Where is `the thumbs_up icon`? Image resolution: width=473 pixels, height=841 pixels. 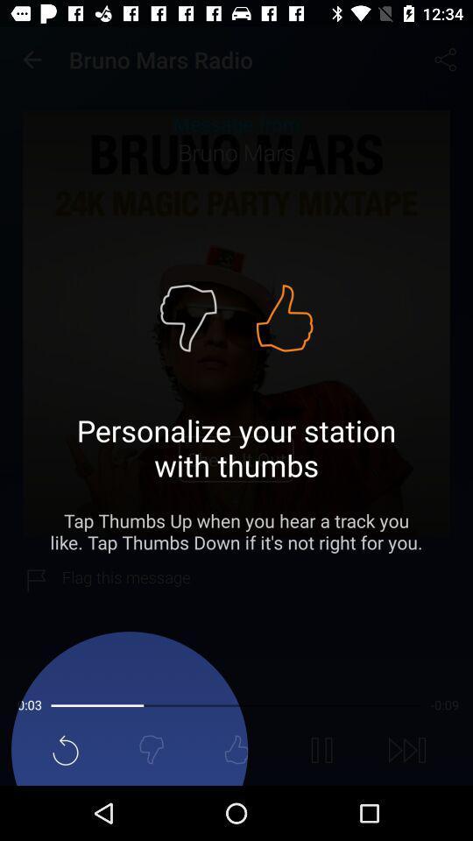
the thumbs_up icon is located at coordinates (236, 749).